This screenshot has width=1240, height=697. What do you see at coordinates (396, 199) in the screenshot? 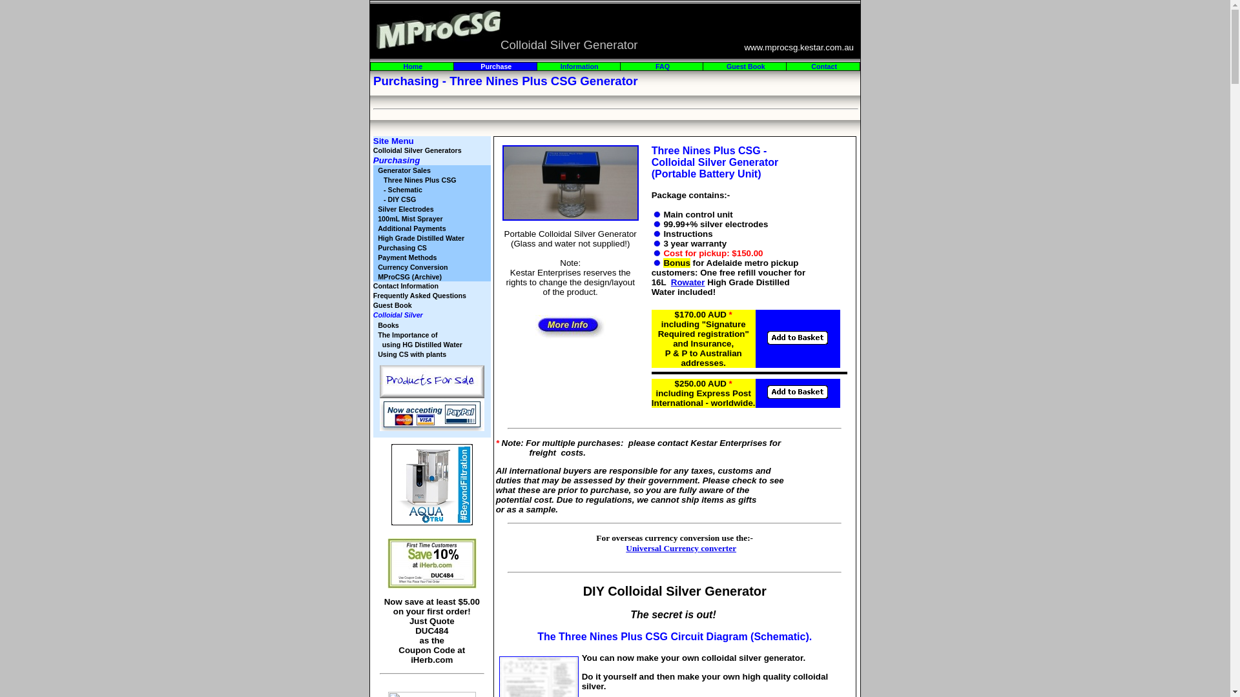
I see `'   - DIY CSG'` at bounding box center [396, 199].